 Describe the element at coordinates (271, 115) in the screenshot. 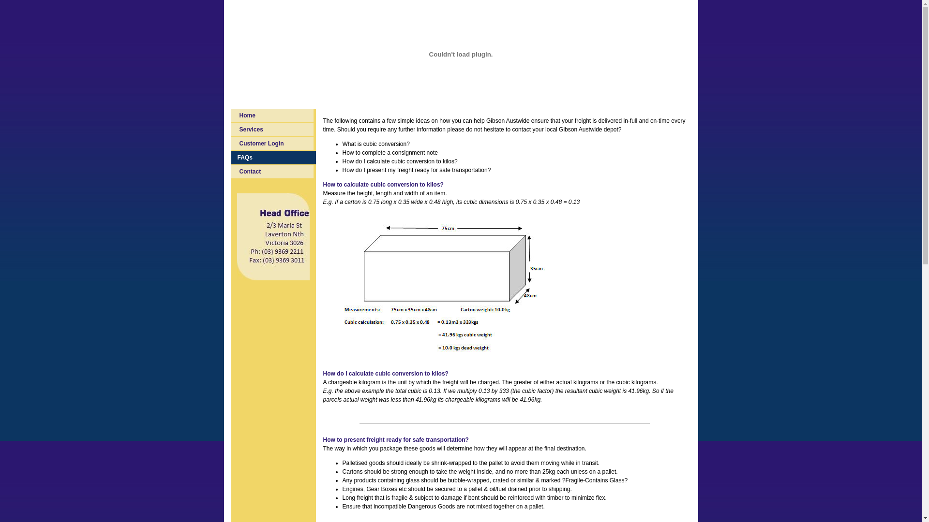

I see `'Home'` at that location.